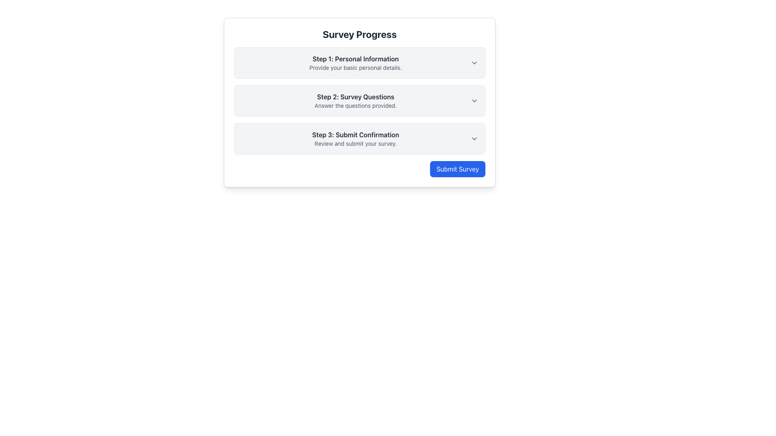 This screenshot has height=436, width=776. Describe the element at coordinates (355, 59) in the screenshot. I see `text label that introduces the first step ('Personal Information') in the multi-step survey process, located at the top of the card below the heading 'Survey Progress'` at that location.